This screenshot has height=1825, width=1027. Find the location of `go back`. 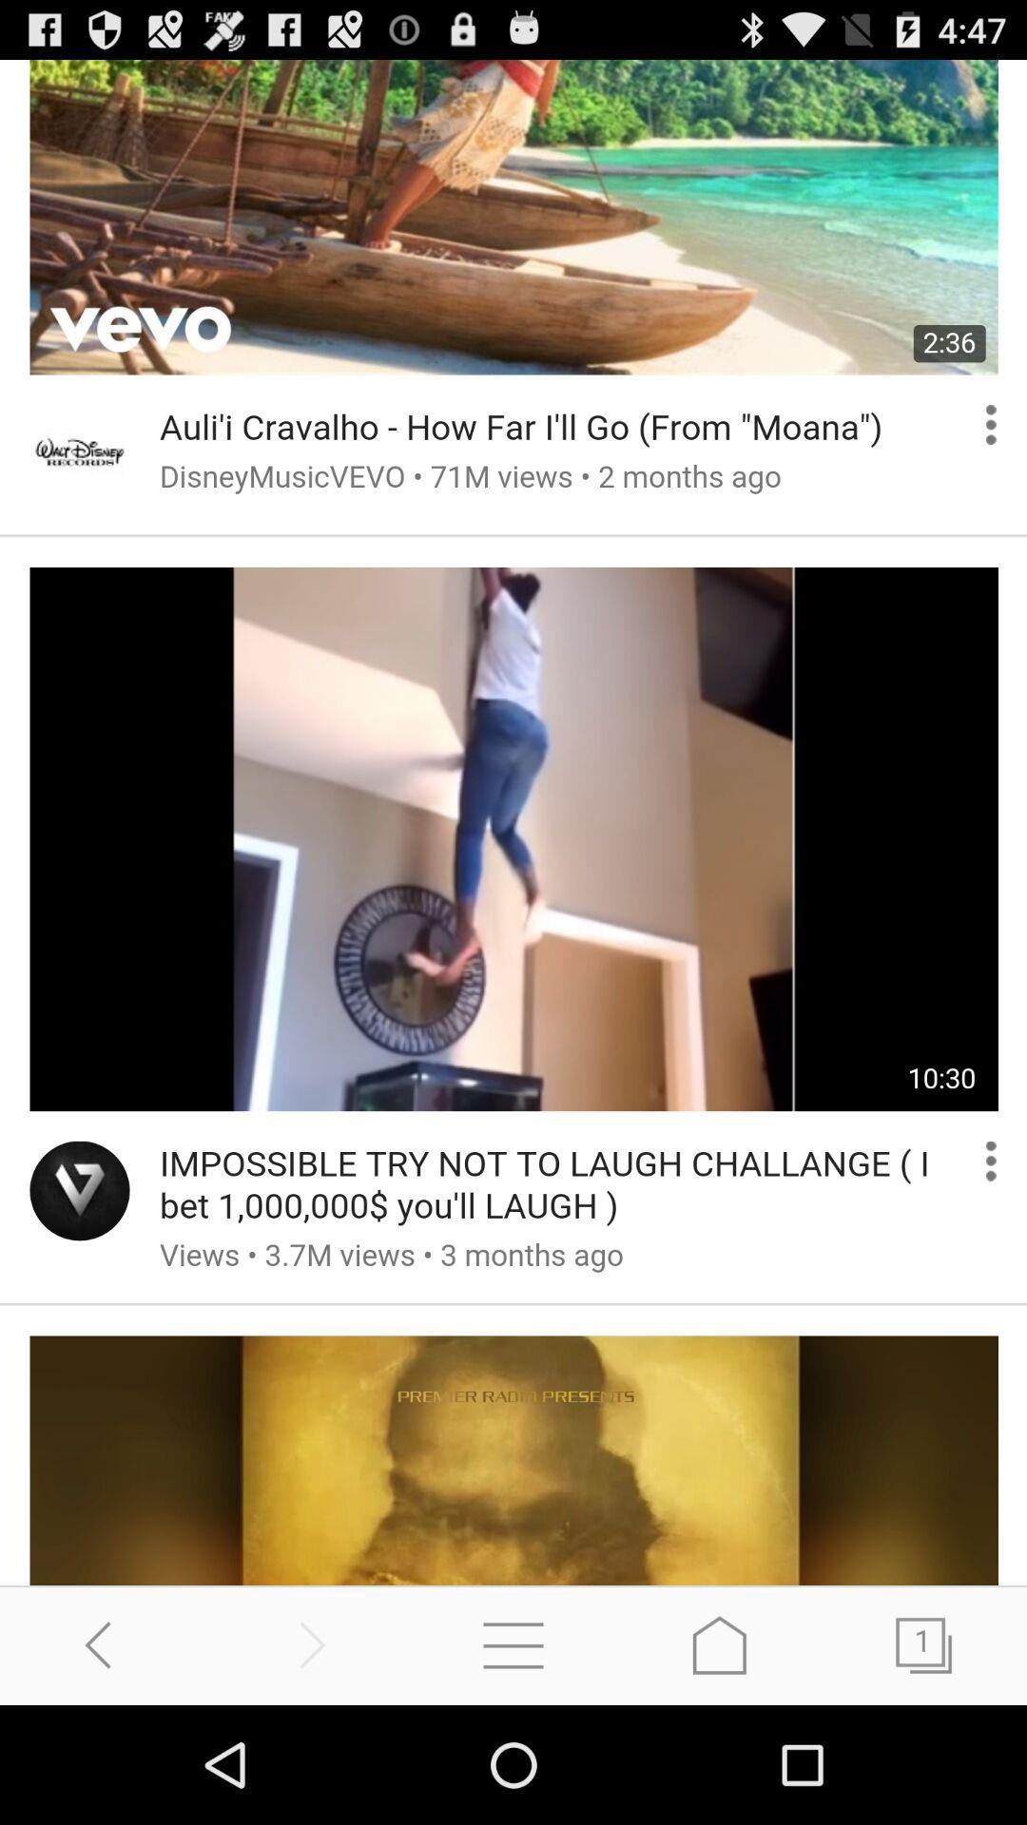

go back is located at coordinates (103, 1644).